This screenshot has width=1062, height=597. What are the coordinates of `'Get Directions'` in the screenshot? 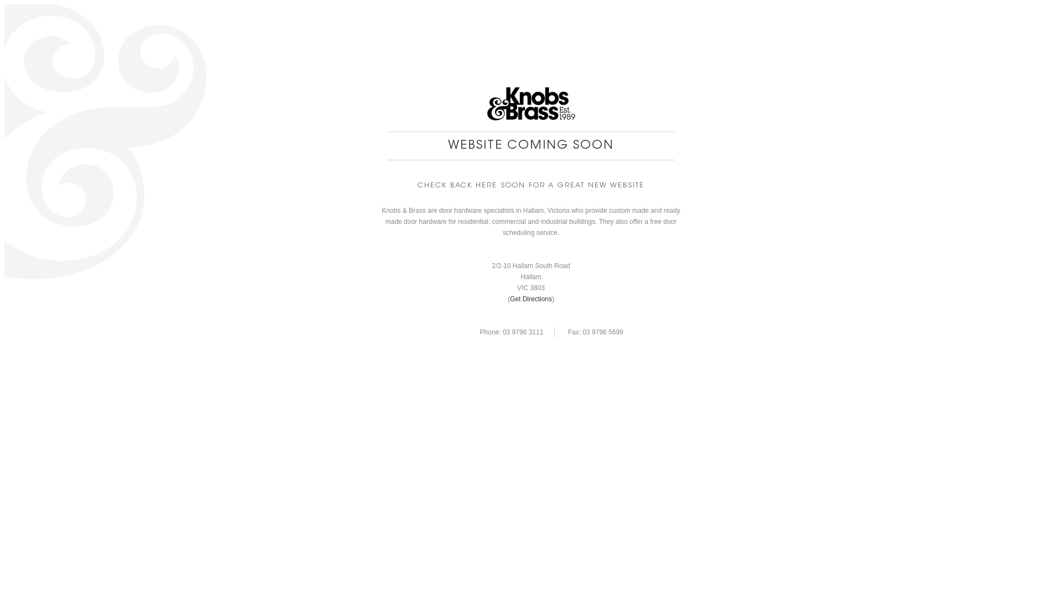 It's located at (531, 298).